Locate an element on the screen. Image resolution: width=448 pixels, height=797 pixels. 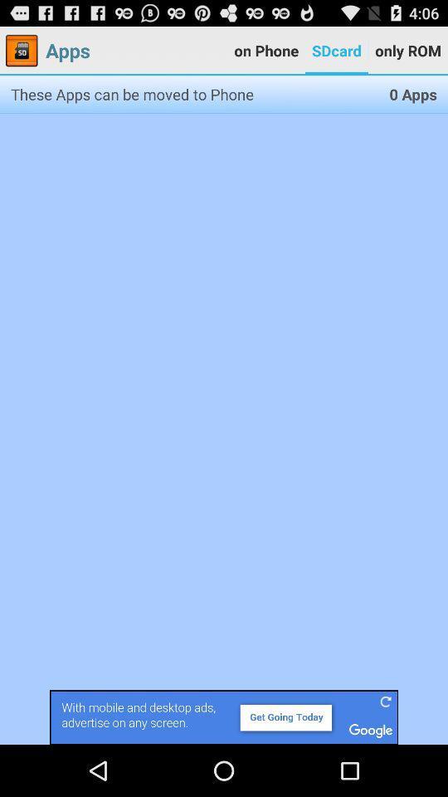
sdcard which is at top of the page is located at coordinates (336, 51).